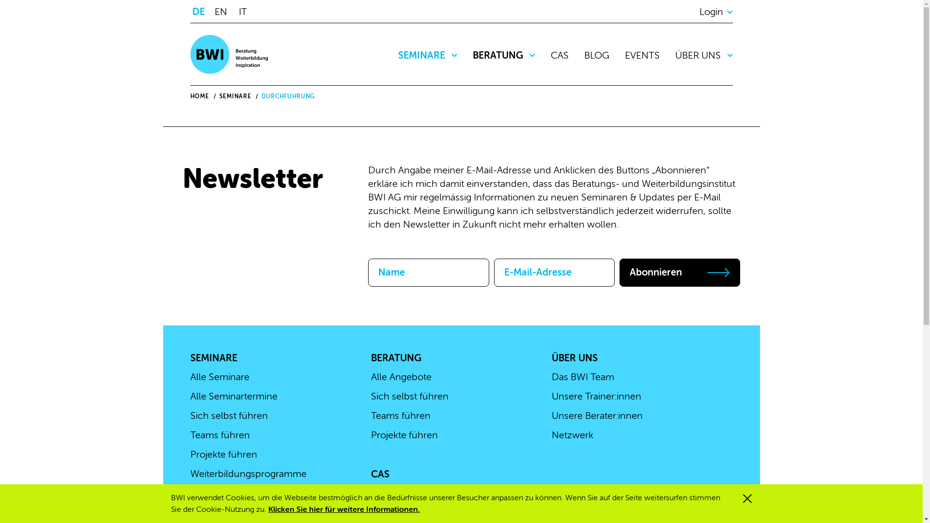 The image size is (930, 523). Describe the element at coordinates (190, 376) in the screenshot. I see `'Alle Seminare'` at that location.